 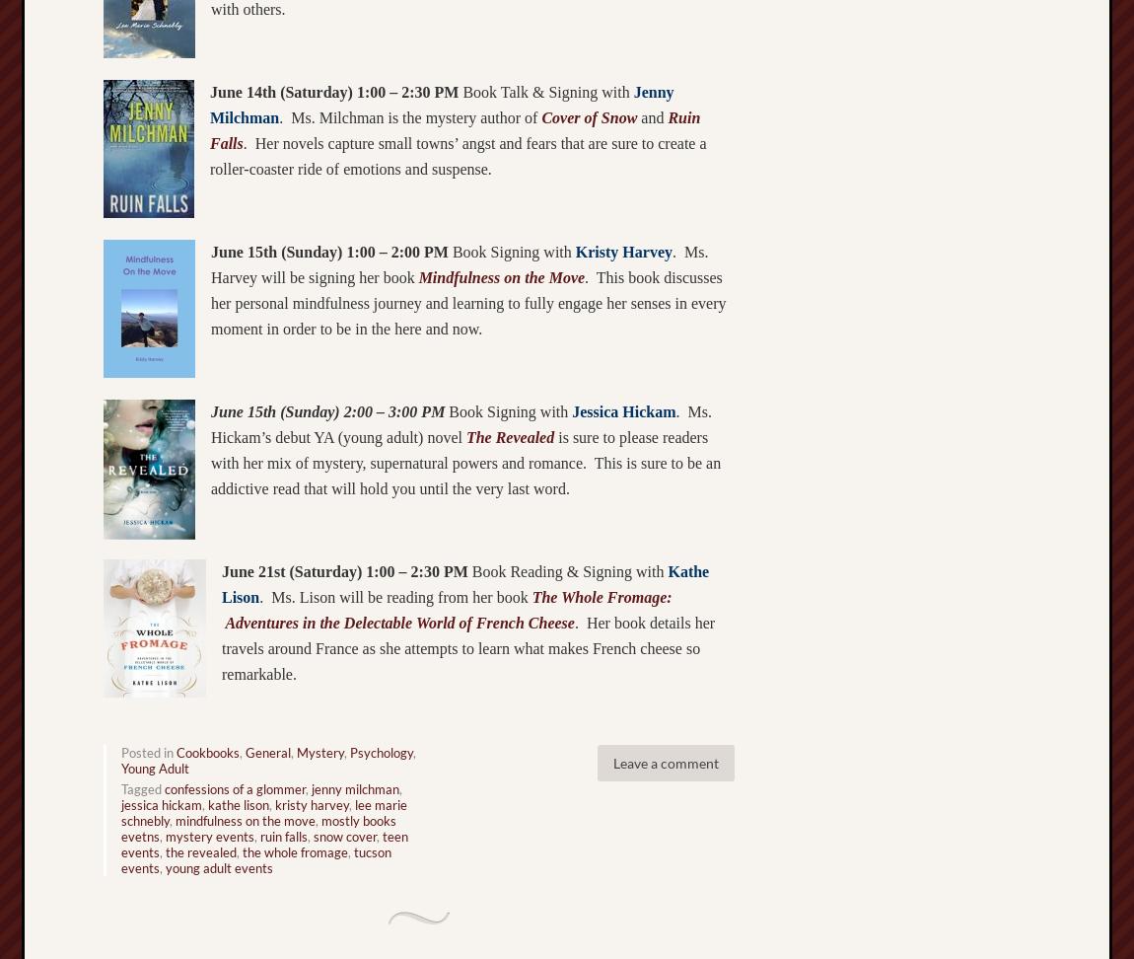 I want to click on 'confessions of a glommer', so click(x=163, y=786).